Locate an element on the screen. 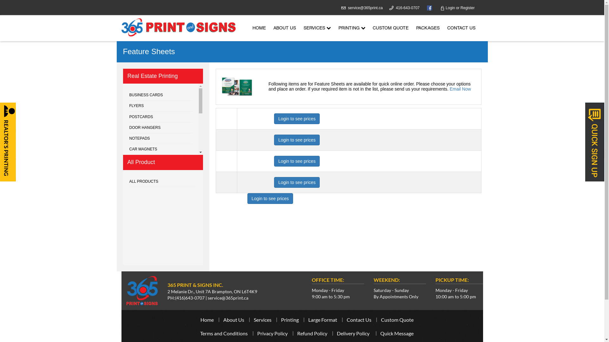 The image size is (609, 342). 'Privacy Policy' is located at coordinates (272, 333).